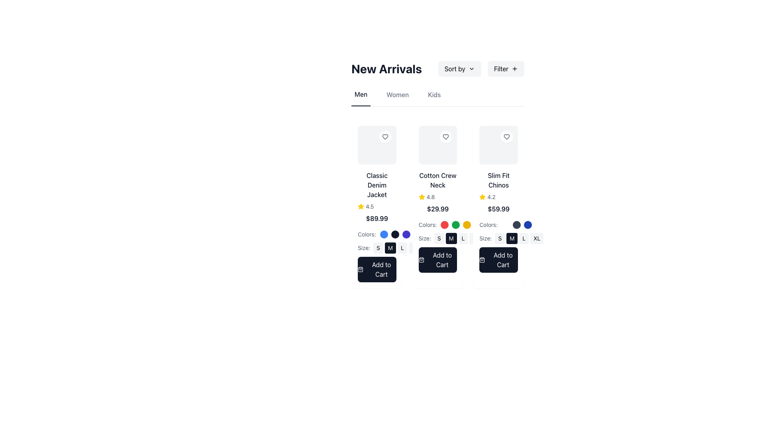 The image size is (765, 430). What do you see at coordinates (385, 136) in the screenshot?
I see `the heart-shaped icon button located near the top-right corner of the Slim Fit Chinos product tile in the New Arrivals section to observe visual feedback` at bounding box center [385, 136].